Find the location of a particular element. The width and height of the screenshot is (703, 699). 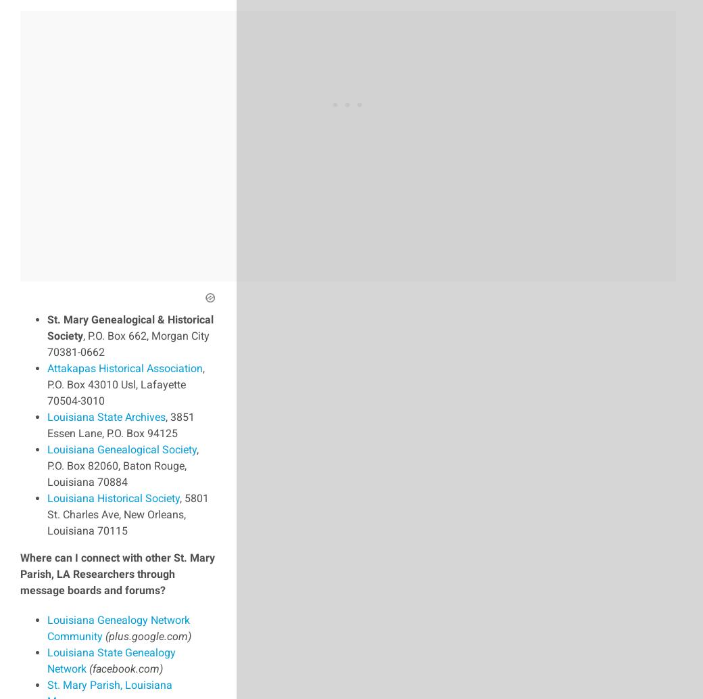

'Louisiana Genealogy Network Community' is located at coordinates (46, 627).